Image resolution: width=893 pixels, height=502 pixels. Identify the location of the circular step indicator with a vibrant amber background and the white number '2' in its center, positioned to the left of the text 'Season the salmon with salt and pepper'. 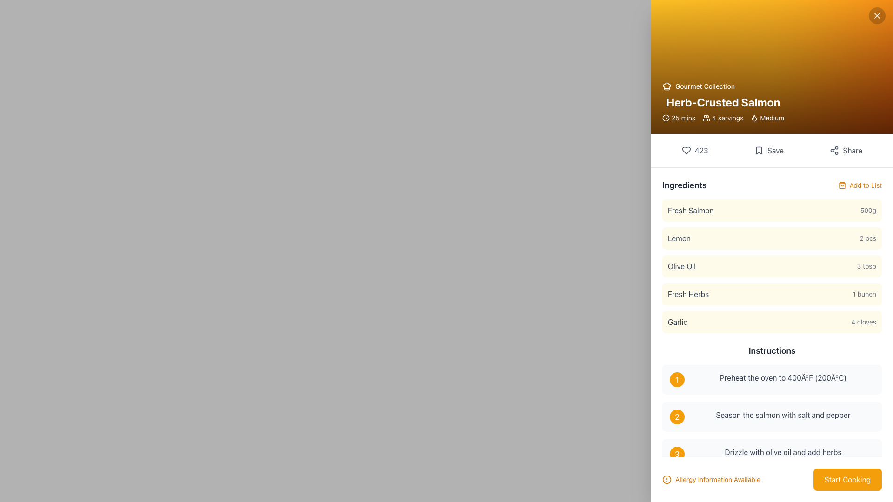
(677, 416).